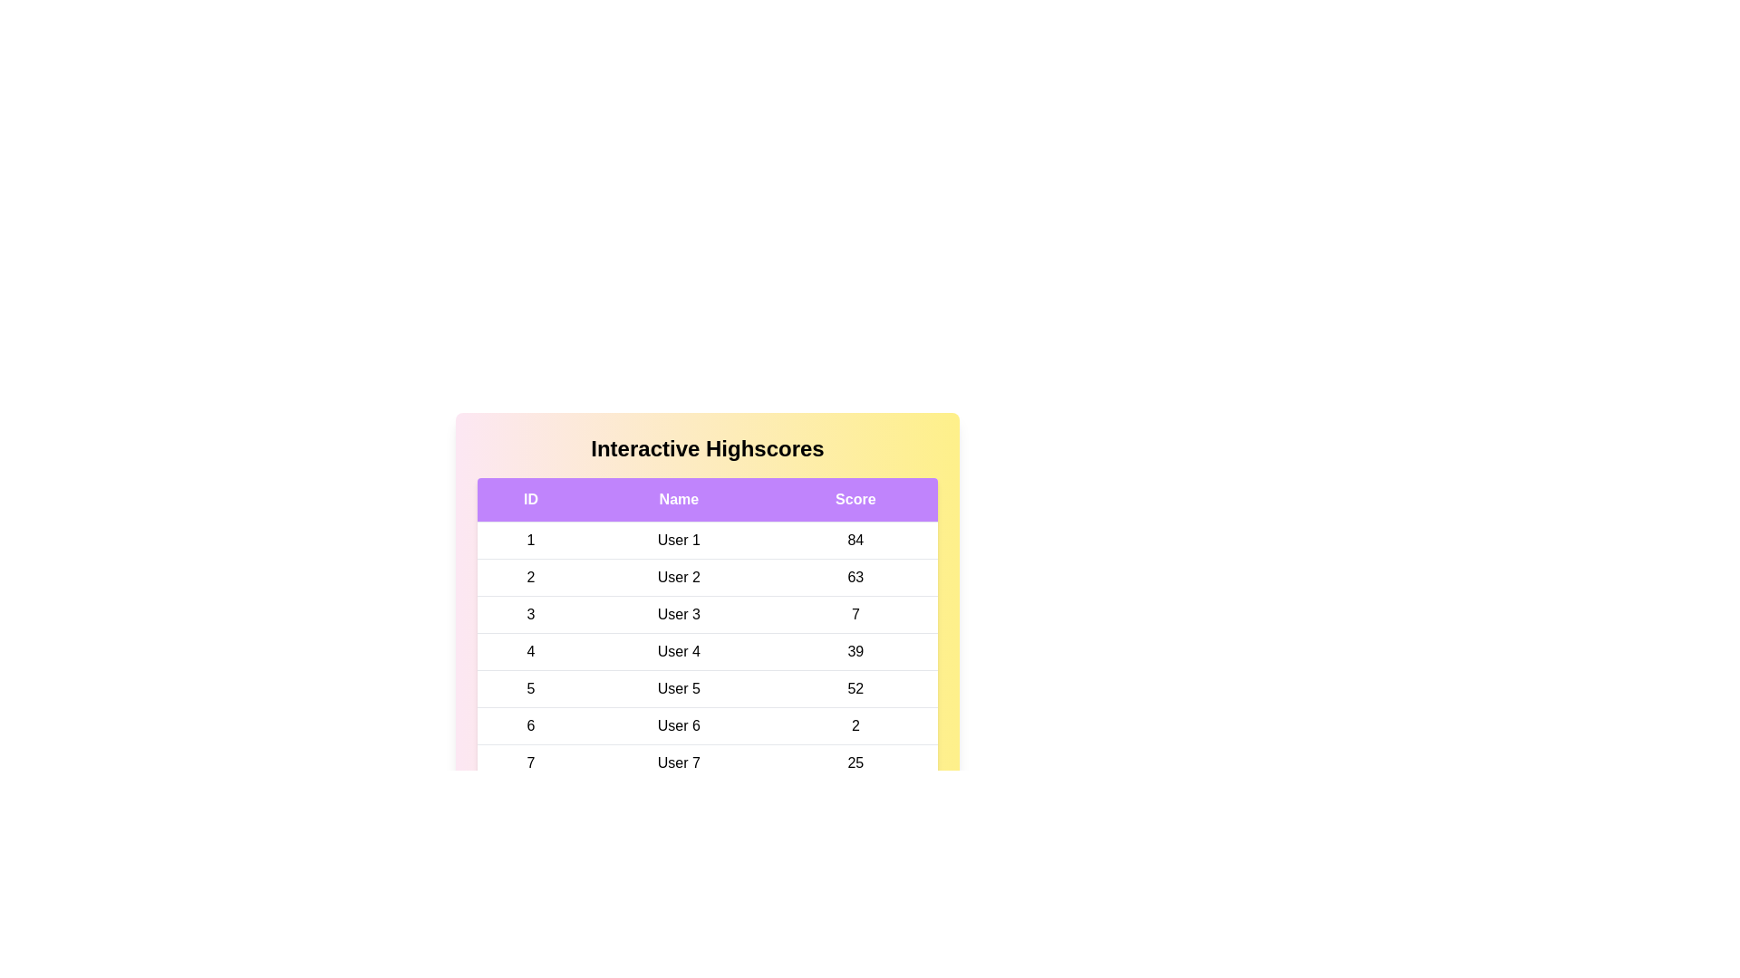 This screenshot has height=978, width=1740. What do you see at coordinates (707, 725) in the screenshot?
I see `the row corresponding to 6` at bounding box center [707, 725].